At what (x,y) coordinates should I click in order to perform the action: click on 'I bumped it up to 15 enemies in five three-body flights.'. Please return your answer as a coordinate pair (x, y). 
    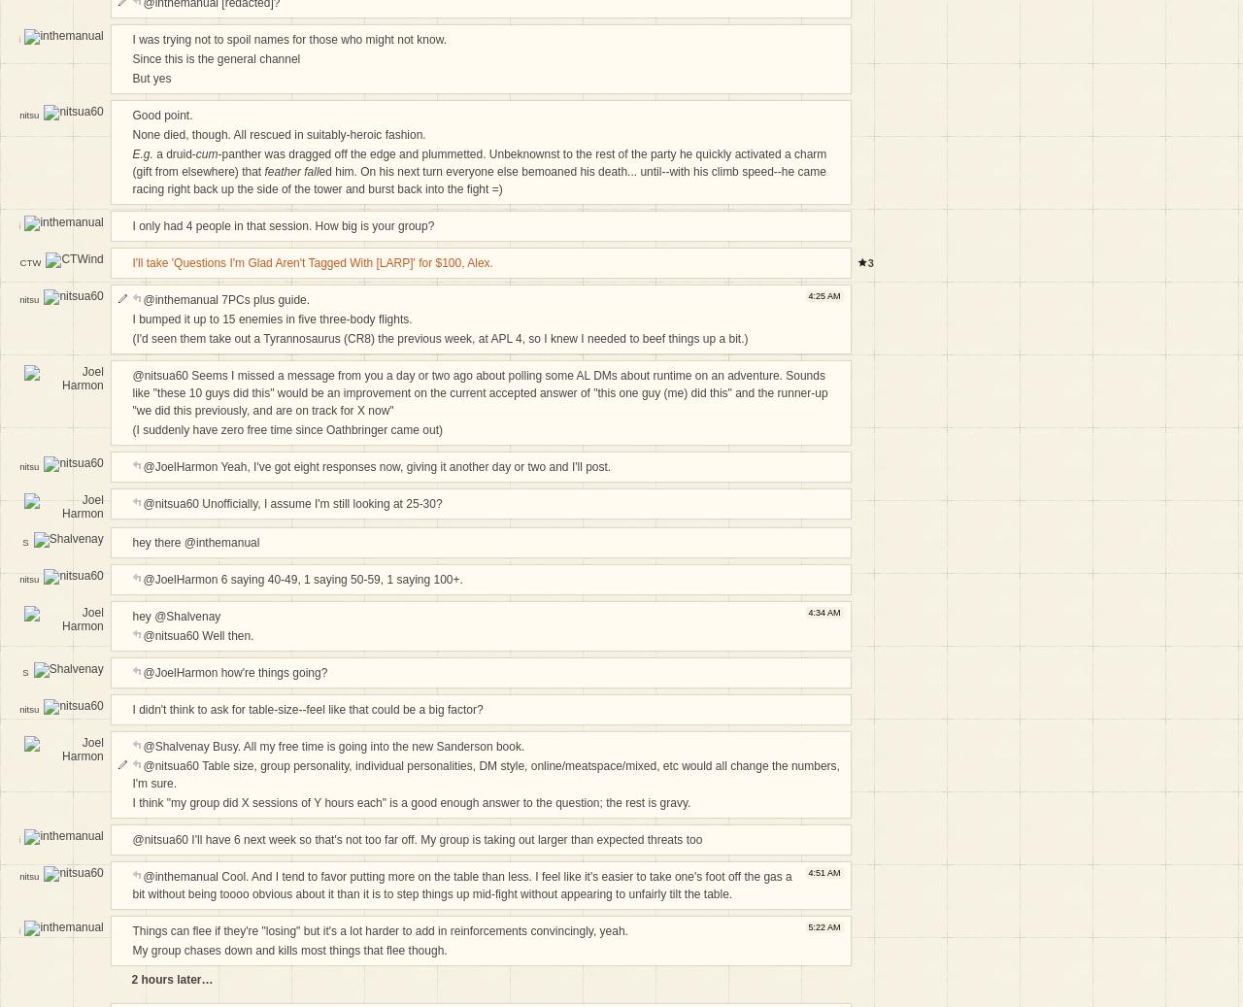
    Looking at the image, I should click on (130, 318).